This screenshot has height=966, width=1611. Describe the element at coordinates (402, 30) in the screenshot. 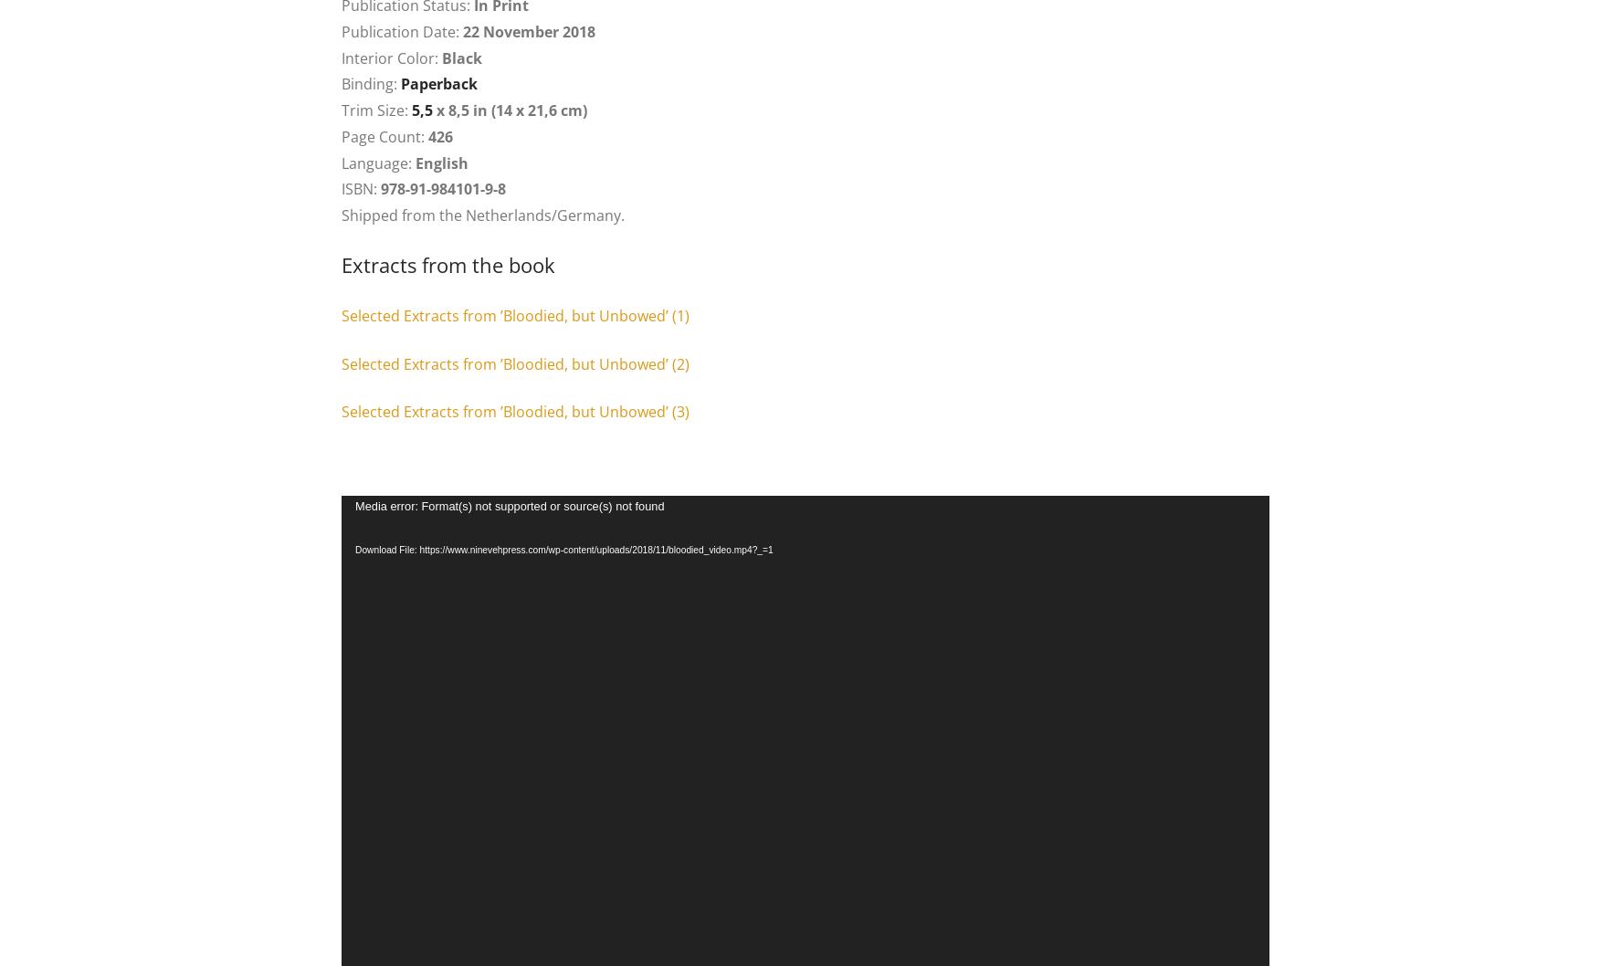

I see `'Publication Date:'` at that location.